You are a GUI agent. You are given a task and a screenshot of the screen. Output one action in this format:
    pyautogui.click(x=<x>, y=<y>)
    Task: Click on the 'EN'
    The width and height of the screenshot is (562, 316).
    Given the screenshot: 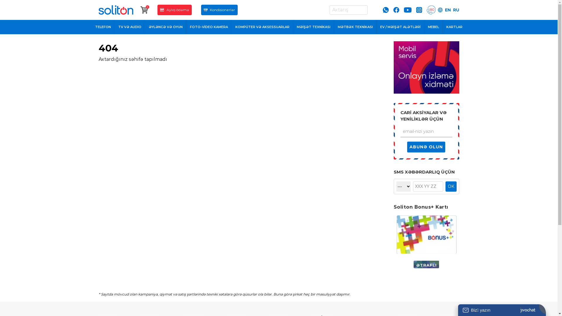 What is the action you would take?
    pyautogui.click(x=448, y=10)
    